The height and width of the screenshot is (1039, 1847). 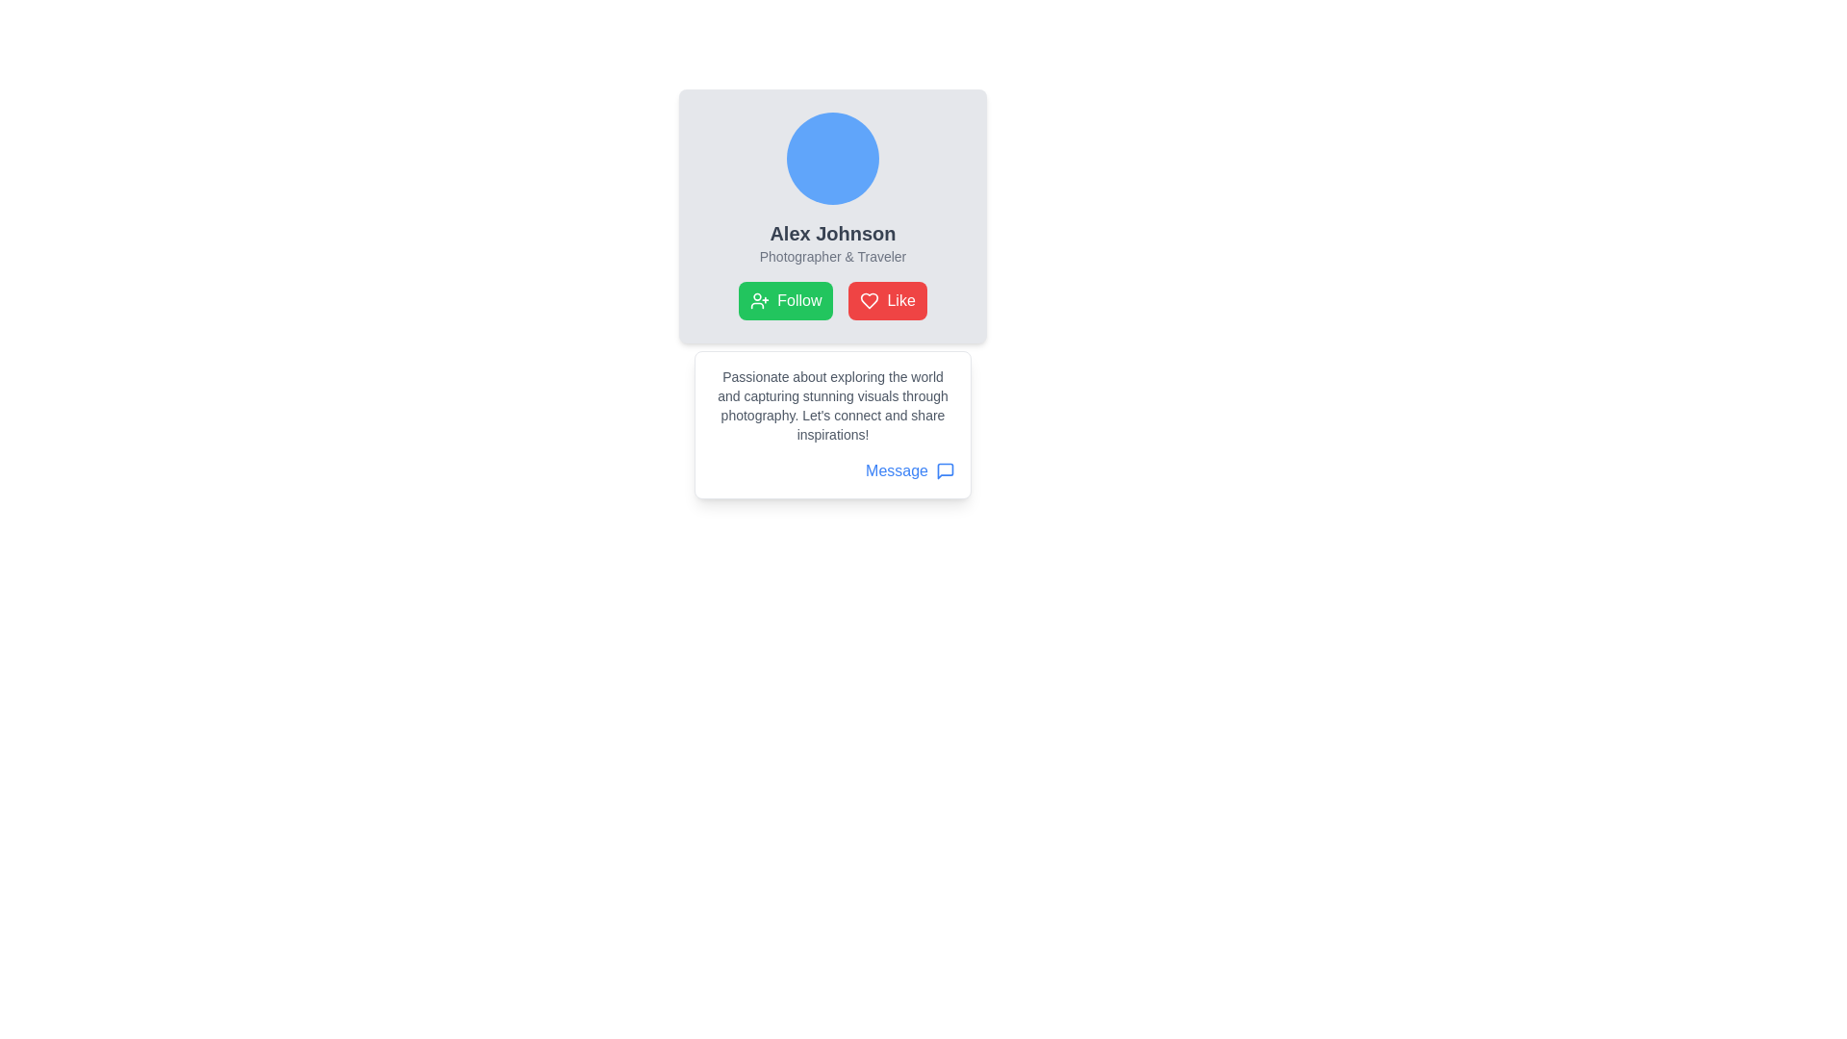 I want to click on the blue chat/message icon located at the bottom-right corner of the 'Message' text, so click(x=946, y=470).